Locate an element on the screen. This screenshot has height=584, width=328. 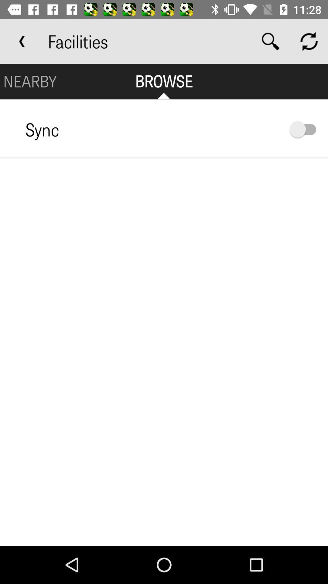
the icon to the right of the facilities icon is located at coordinates (270, 41).